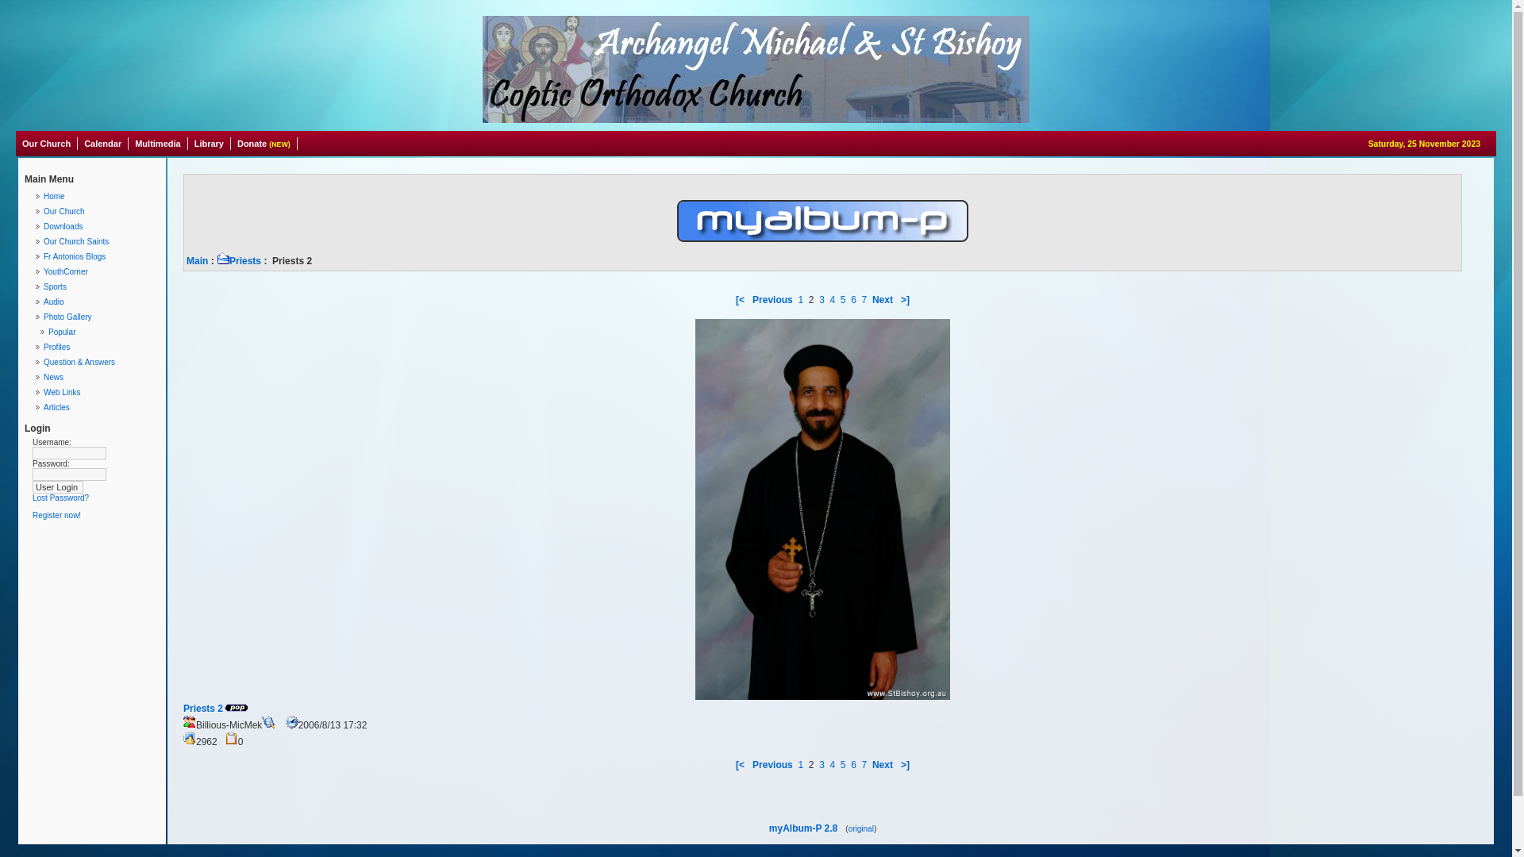  Describe the element at coordinates (94, 195) in the screenshot. I see `'Home'` at that location.